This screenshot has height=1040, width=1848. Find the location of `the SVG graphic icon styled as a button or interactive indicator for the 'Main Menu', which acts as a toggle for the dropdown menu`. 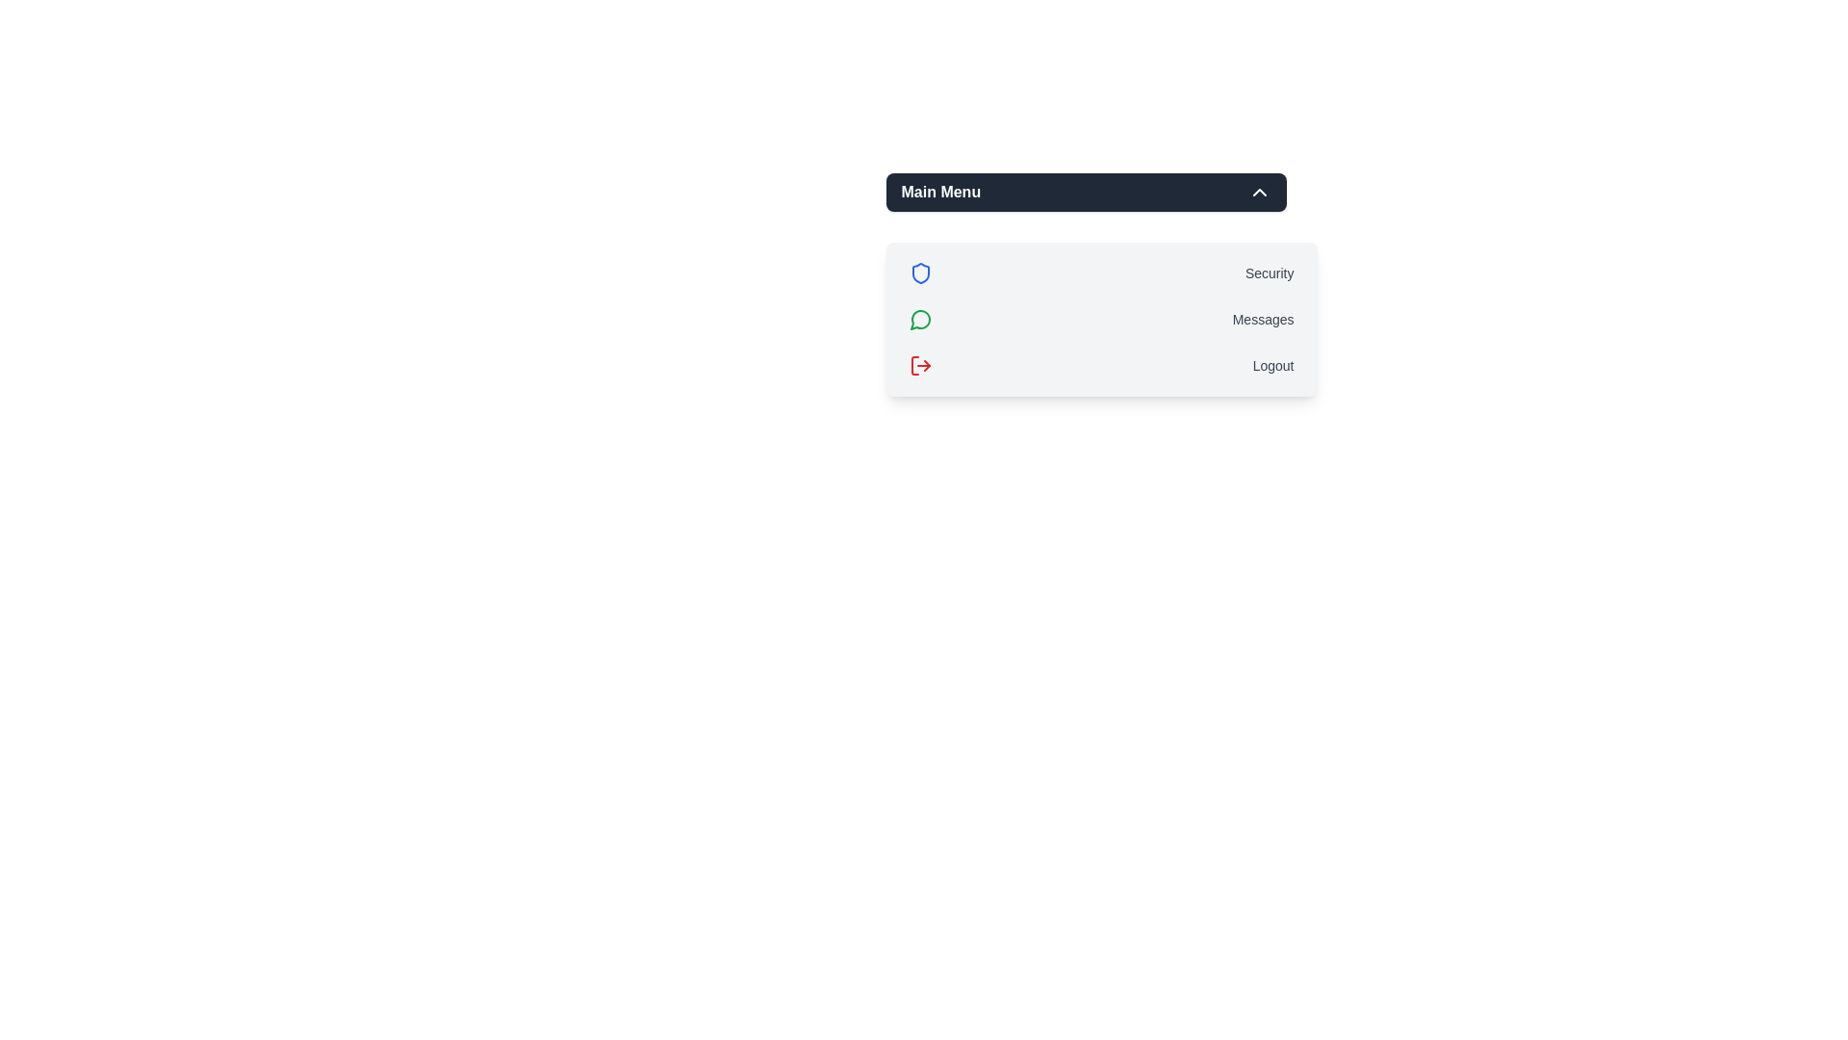

the SVG graphic icon styled as a button or interactive indicator for the 'Main Menu', which acts as a toggle for the dropdown menu is located at coordinates (1259, 193).